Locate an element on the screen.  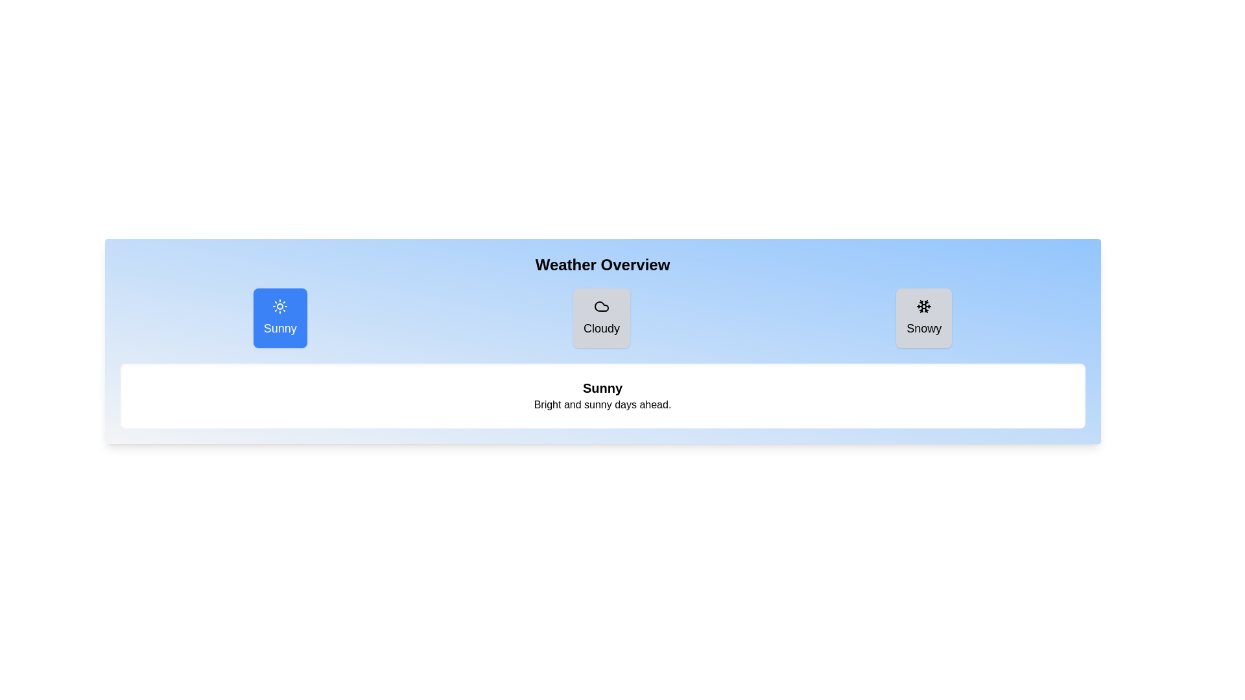
the Cloudy weather tab to view its details is located at coordinates (600, 318).